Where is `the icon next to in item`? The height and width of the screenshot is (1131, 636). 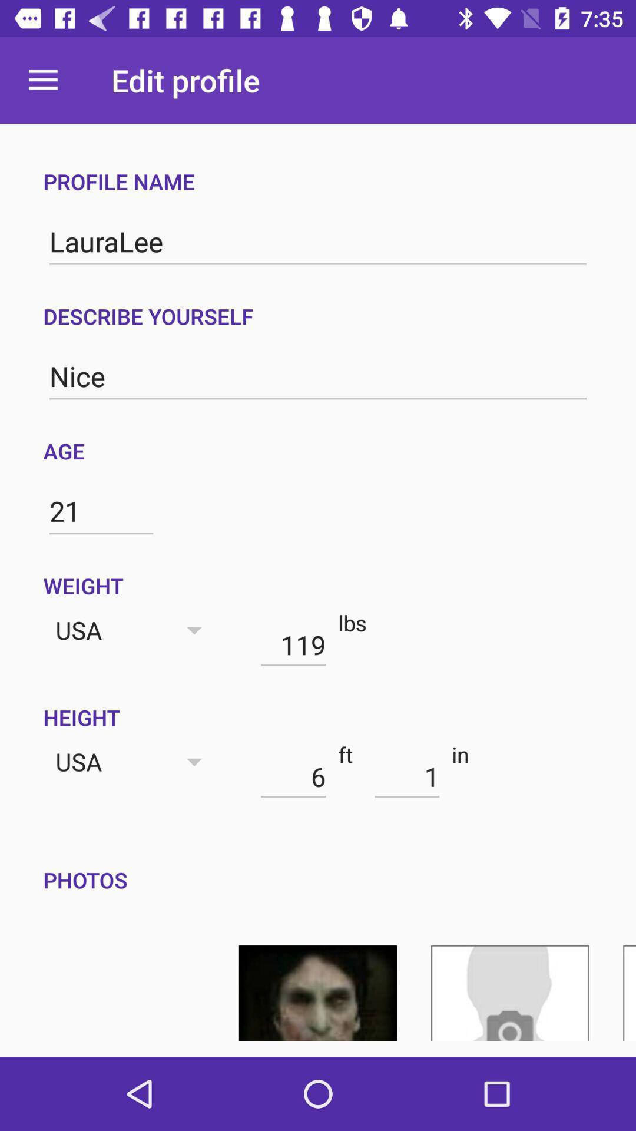
the icon next to in item is located at coordinates (406, 776).